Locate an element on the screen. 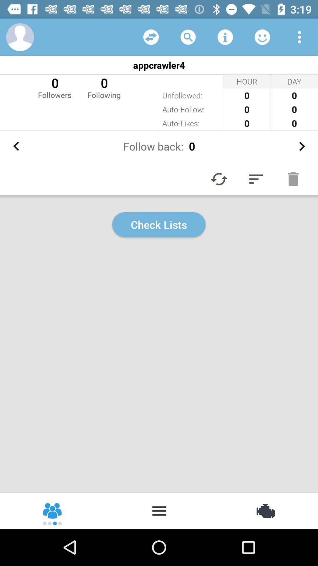 The image size is (318, 566). profile is located at coordinates (20, 37).